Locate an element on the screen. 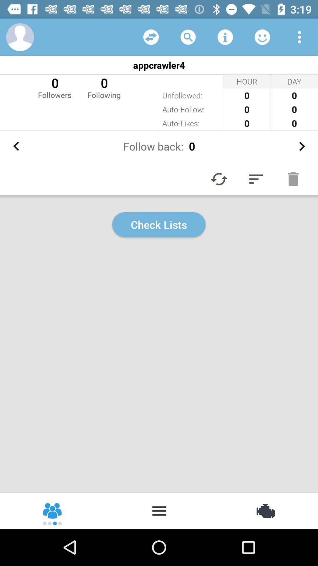 The image size is (318, 566). profile is located at coordinates (20, 37).